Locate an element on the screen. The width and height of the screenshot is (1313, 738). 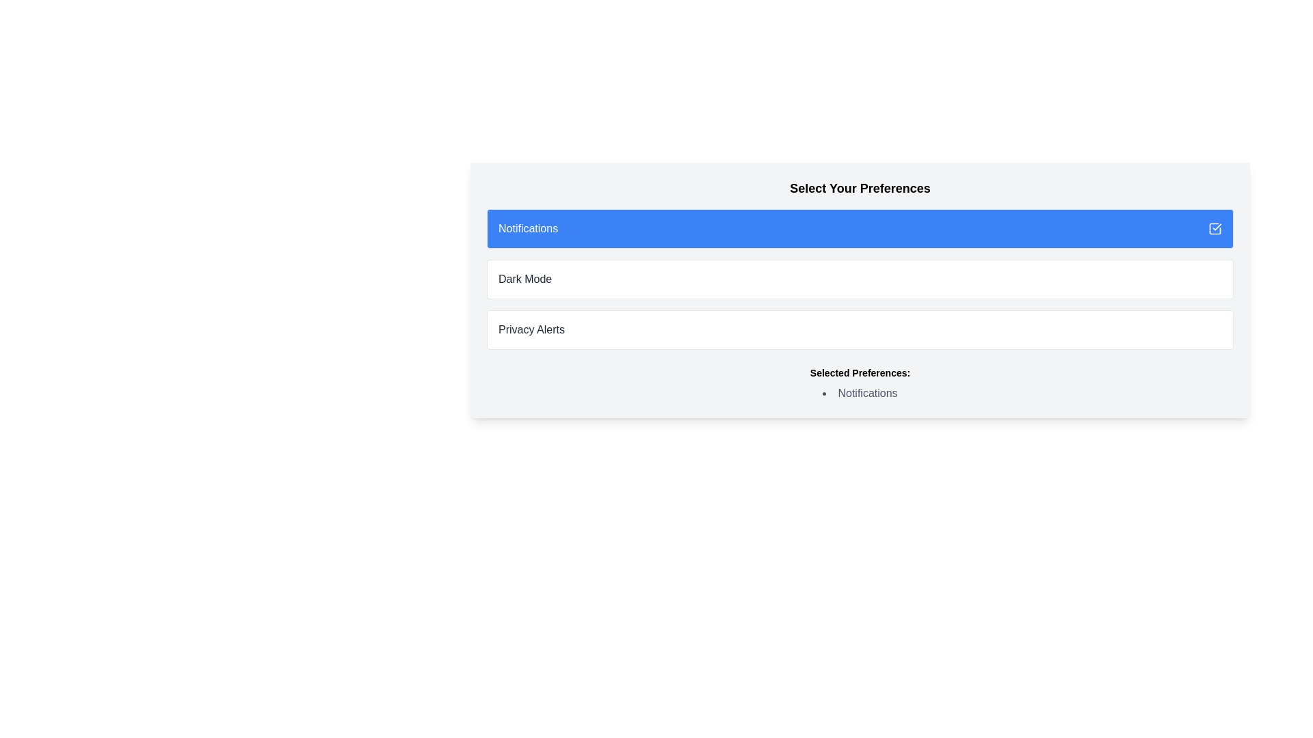
the 'Privacy Alerts' text label, which is styled in black sans-serif font and located in the third content block under the 'Select Your Preferences' section is located at coordinates (531, 329).